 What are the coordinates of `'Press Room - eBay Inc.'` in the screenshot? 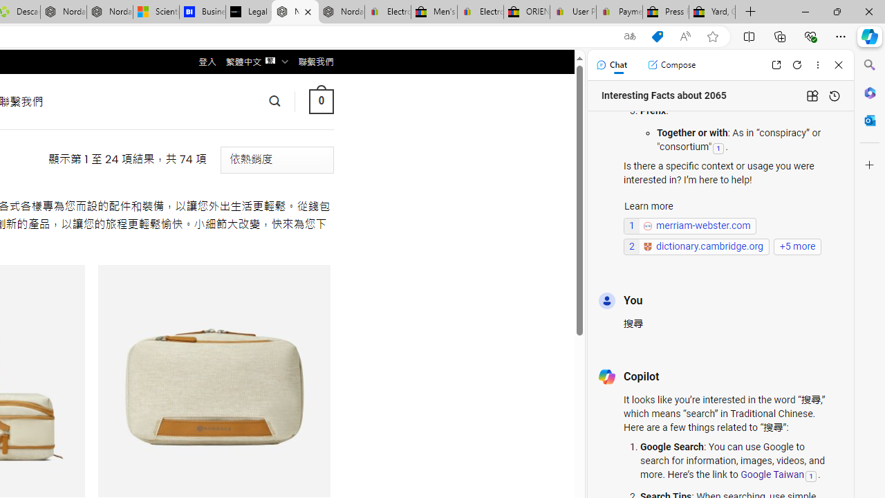 It's located at (666, 12).